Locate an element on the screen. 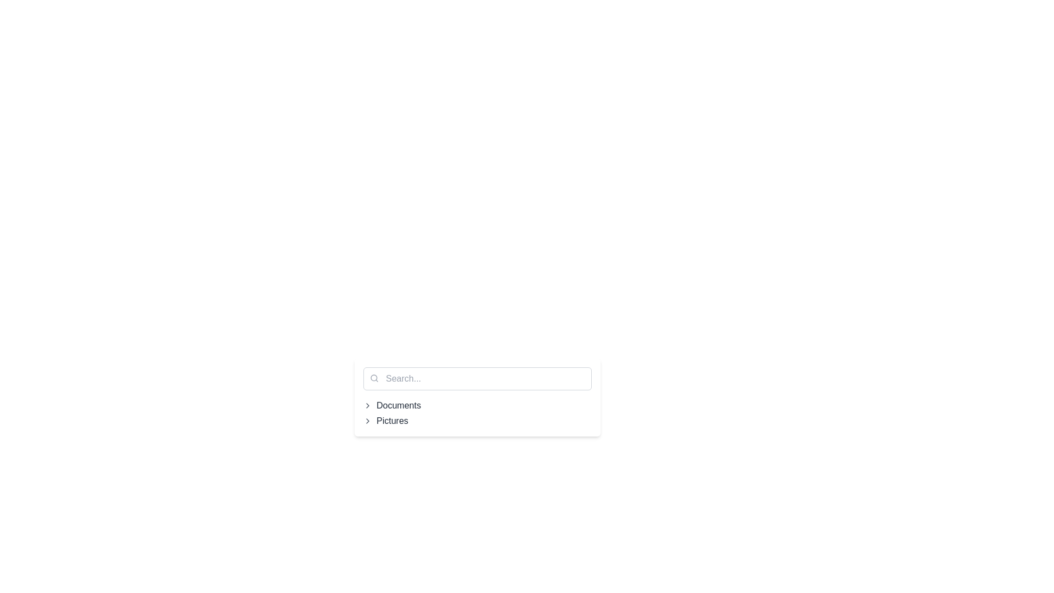  the expandable icon located to the left of the 'Pictures' text is located at coordinates (368, 421).